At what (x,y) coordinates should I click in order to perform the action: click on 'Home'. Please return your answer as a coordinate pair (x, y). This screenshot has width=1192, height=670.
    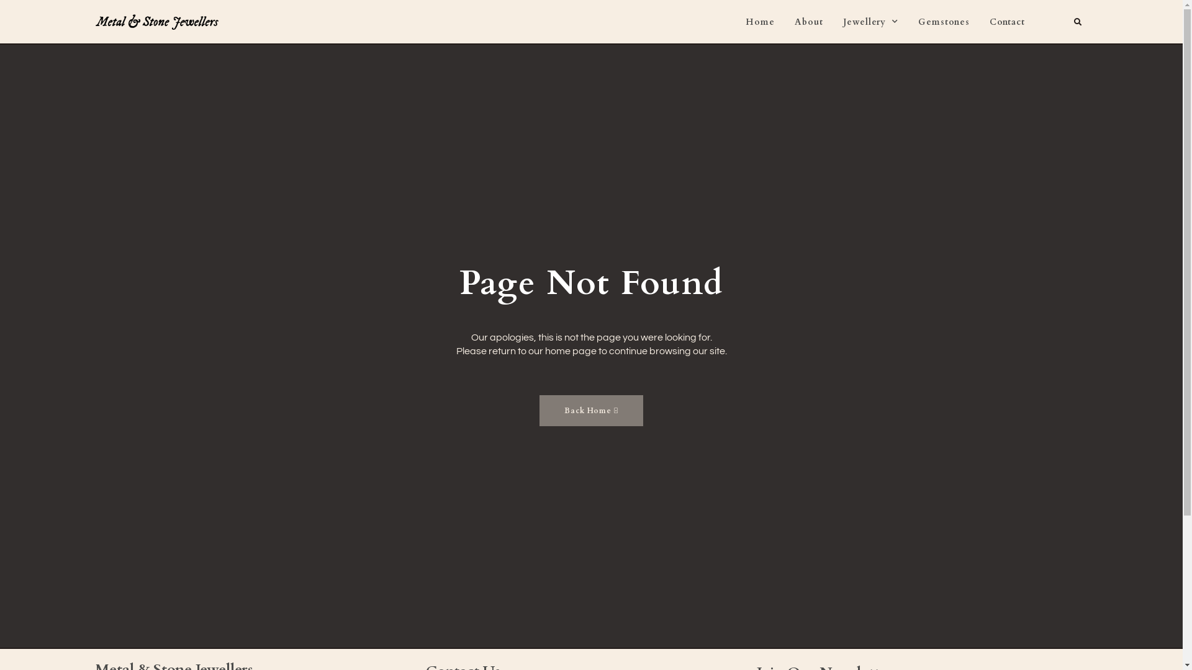
    Looking at the image, I should click on (759, 22).